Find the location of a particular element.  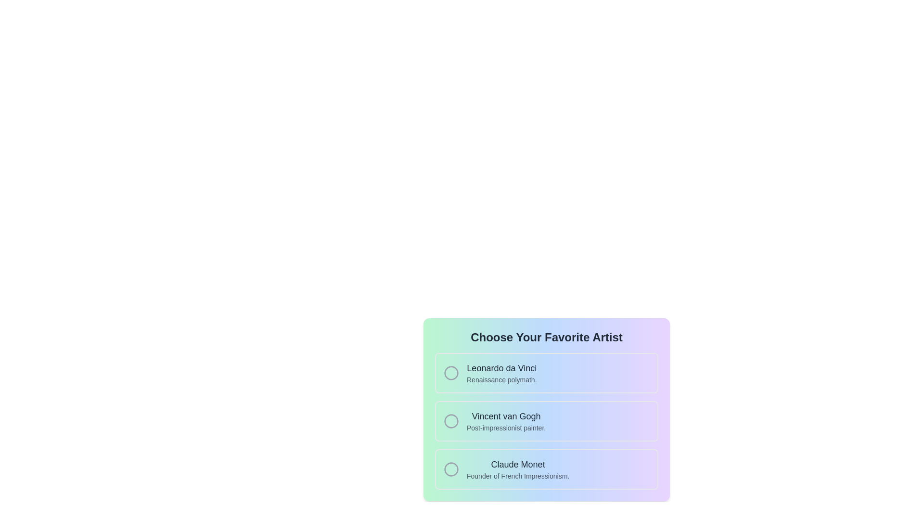

to select 'Vincent van Gogh' as the favorite artist from the second selectable option in the list is located at coordinates (547, 421).